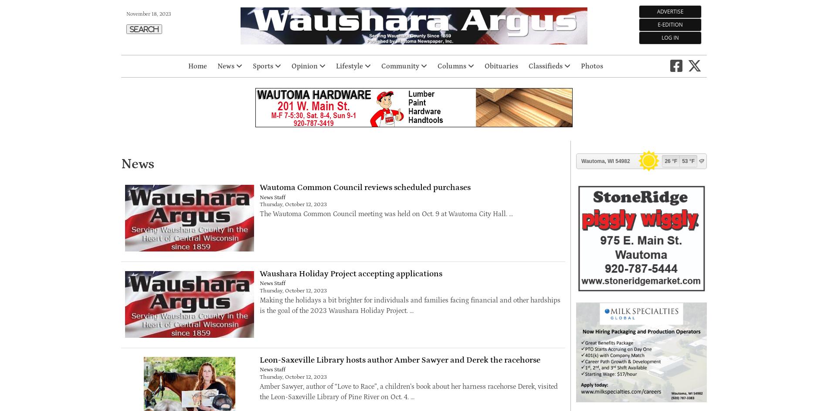 This screenshot has height=411, width=828. Describe the element at coordinates (452, 66) in the screenshot. I see `'Columns'` at that location.